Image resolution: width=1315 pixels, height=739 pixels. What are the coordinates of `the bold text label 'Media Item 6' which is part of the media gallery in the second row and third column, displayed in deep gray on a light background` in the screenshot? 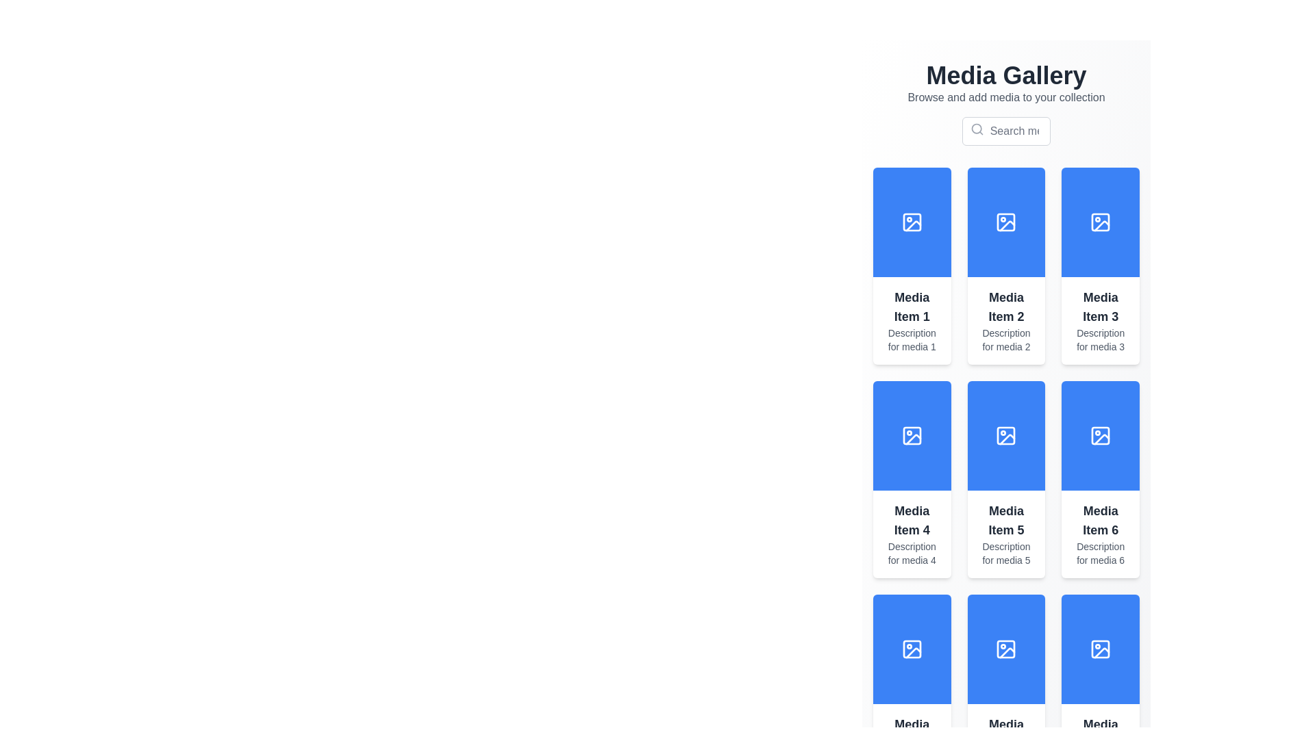 It's located at (1101, 520).